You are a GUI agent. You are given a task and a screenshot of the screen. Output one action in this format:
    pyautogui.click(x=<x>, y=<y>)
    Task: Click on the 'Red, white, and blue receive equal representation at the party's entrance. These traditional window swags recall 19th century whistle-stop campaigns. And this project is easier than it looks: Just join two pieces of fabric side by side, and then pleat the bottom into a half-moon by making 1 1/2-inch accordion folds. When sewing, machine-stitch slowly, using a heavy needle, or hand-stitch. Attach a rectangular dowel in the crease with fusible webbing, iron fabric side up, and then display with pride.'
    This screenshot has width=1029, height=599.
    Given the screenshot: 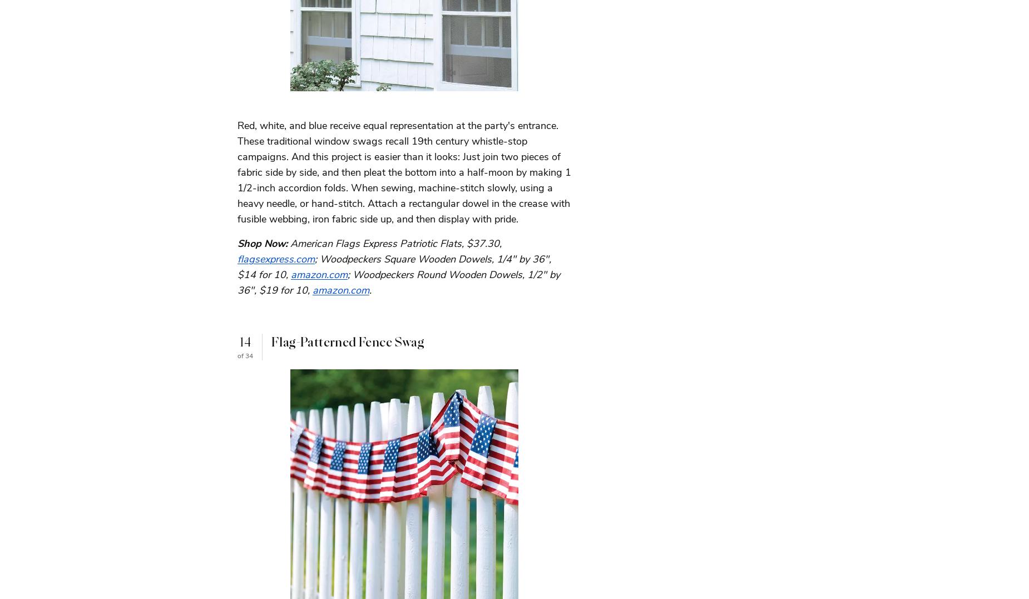 What is the action you would take?
    pyautogui.click(x=404, y=171)
    